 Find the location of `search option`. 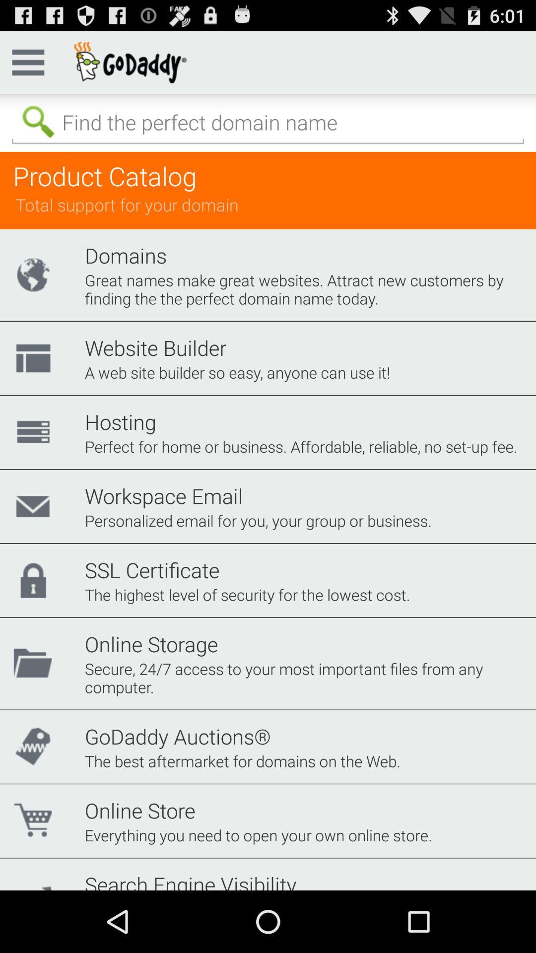

search option is located at coordinates (268, 122).